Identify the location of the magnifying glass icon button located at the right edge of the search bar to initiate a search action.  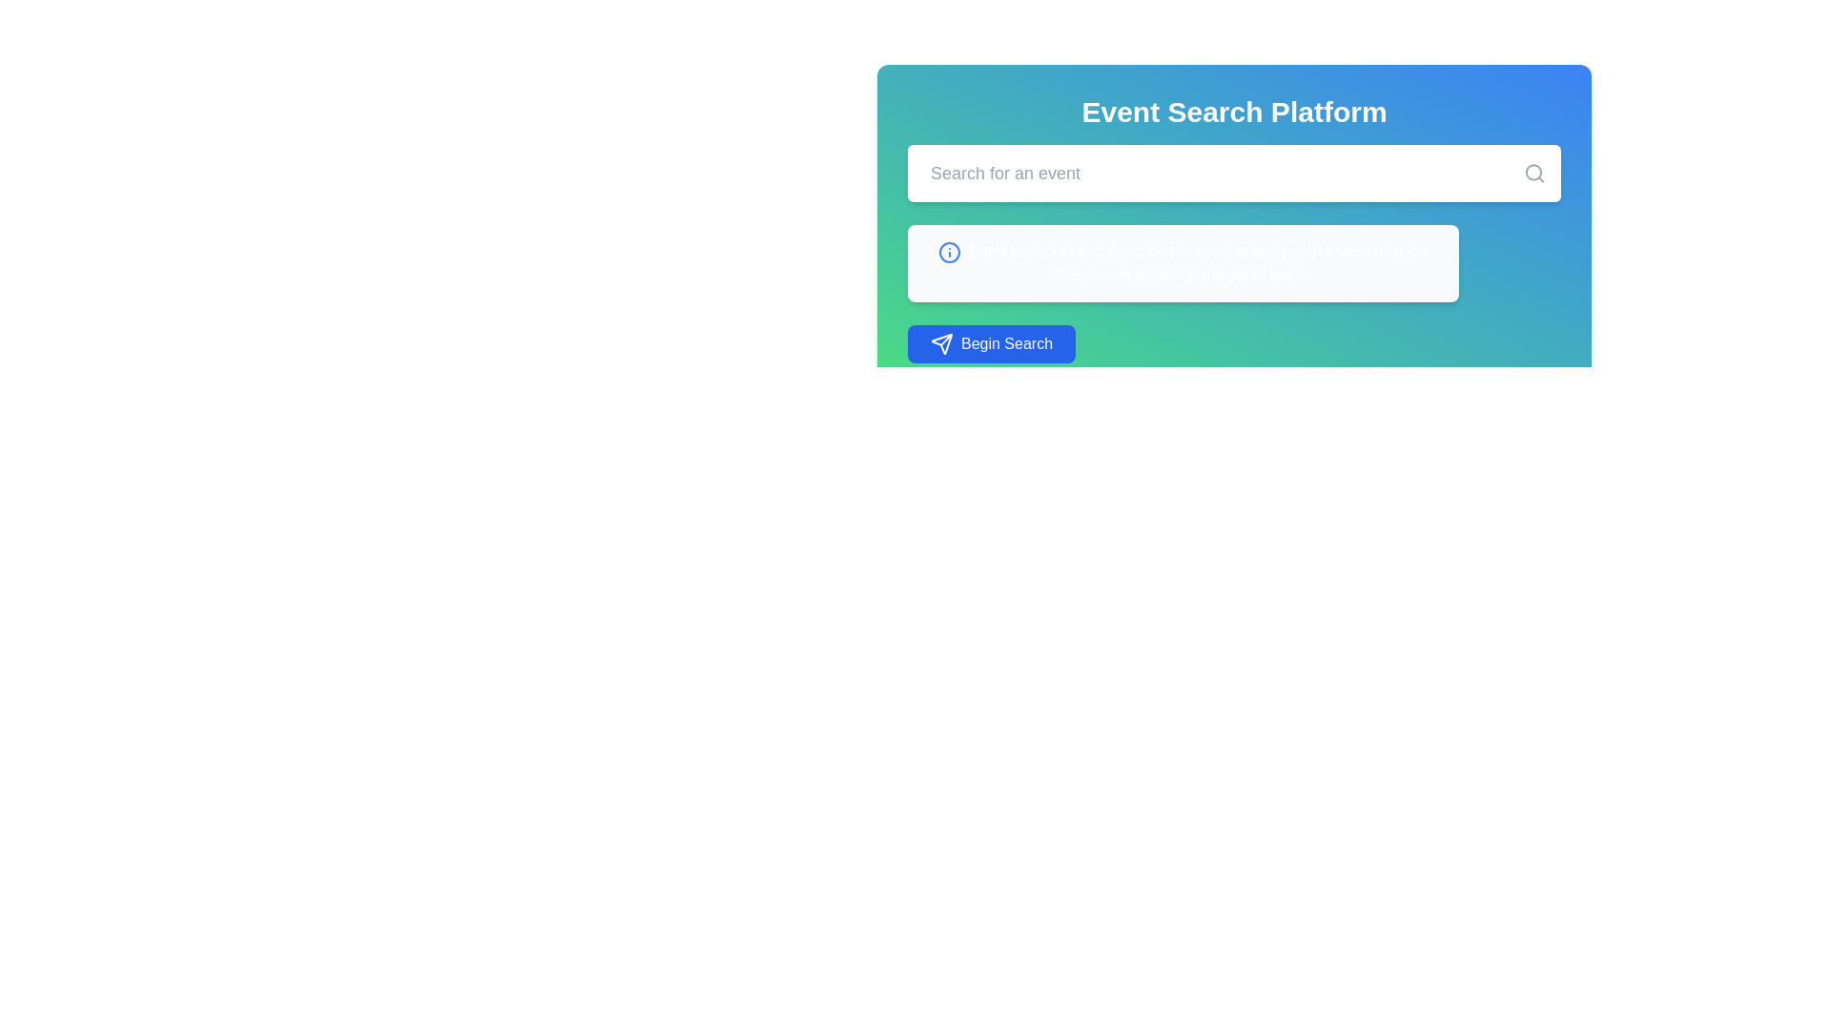
(1534, 173).